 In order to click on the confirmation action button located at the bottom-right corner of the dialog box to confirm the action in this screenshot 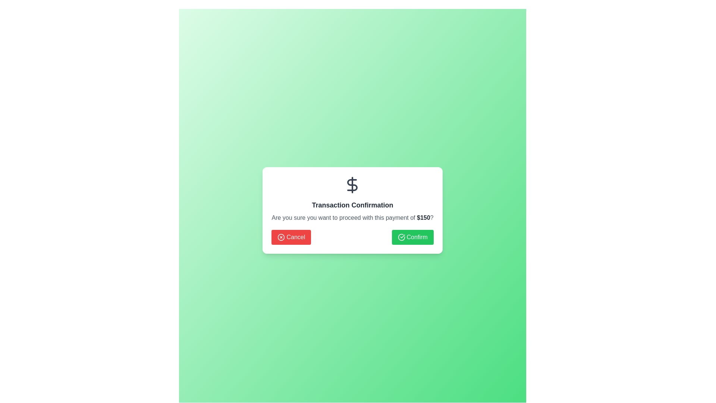, I will do `click(412, 237)`.